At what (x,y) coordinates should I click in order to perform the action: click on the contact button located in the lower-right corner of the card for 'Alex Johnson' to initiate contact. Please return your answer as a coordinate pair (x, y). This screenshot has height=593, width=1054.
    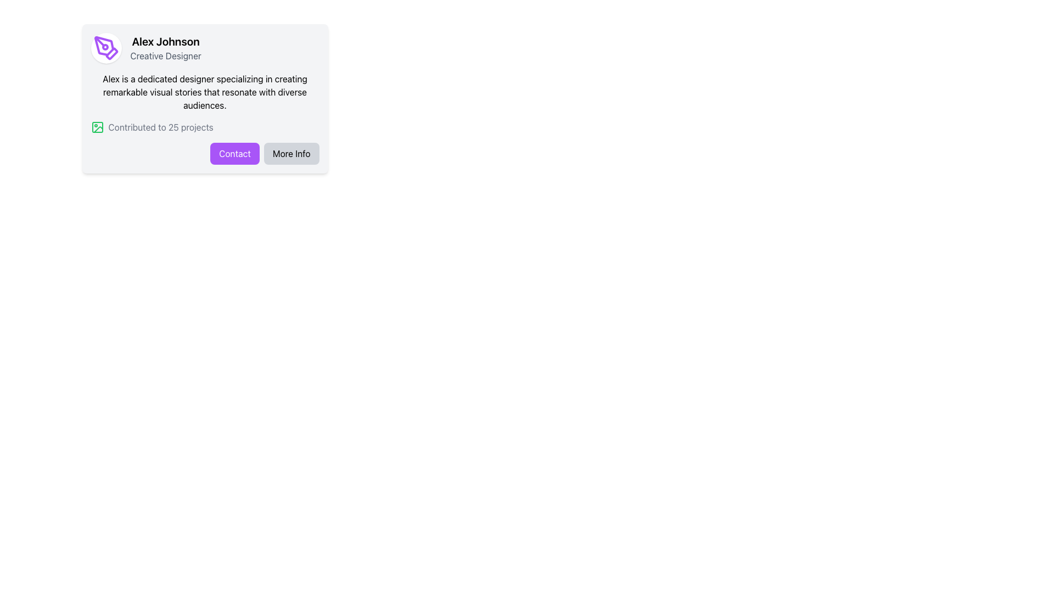
    Looking at the image, I should click on (234, 154).